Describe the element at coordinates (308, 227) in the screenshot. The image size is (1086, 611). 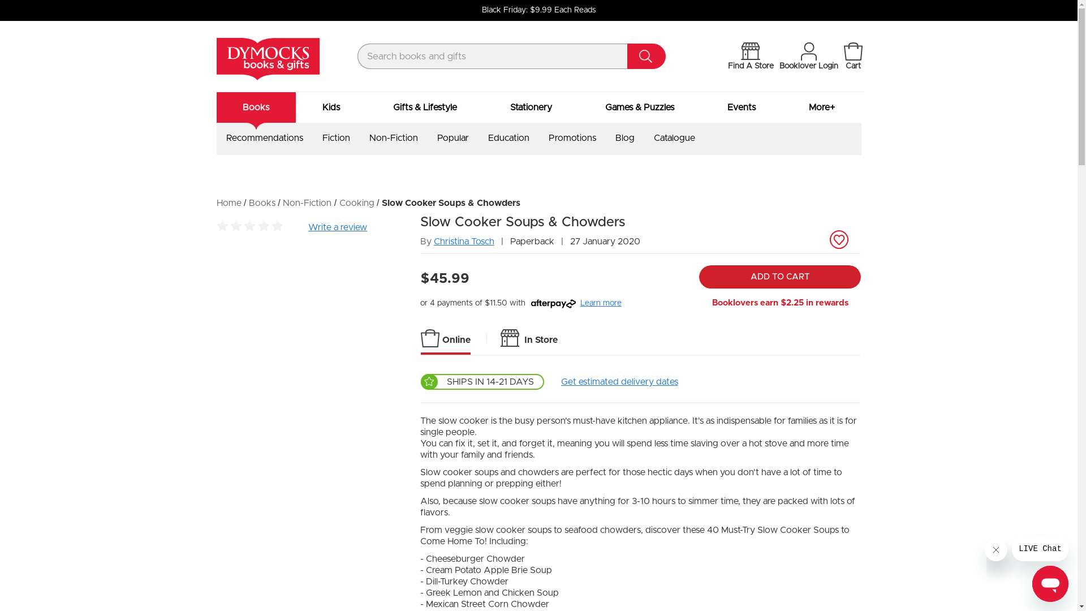
I see `'Write a review'` at that location.